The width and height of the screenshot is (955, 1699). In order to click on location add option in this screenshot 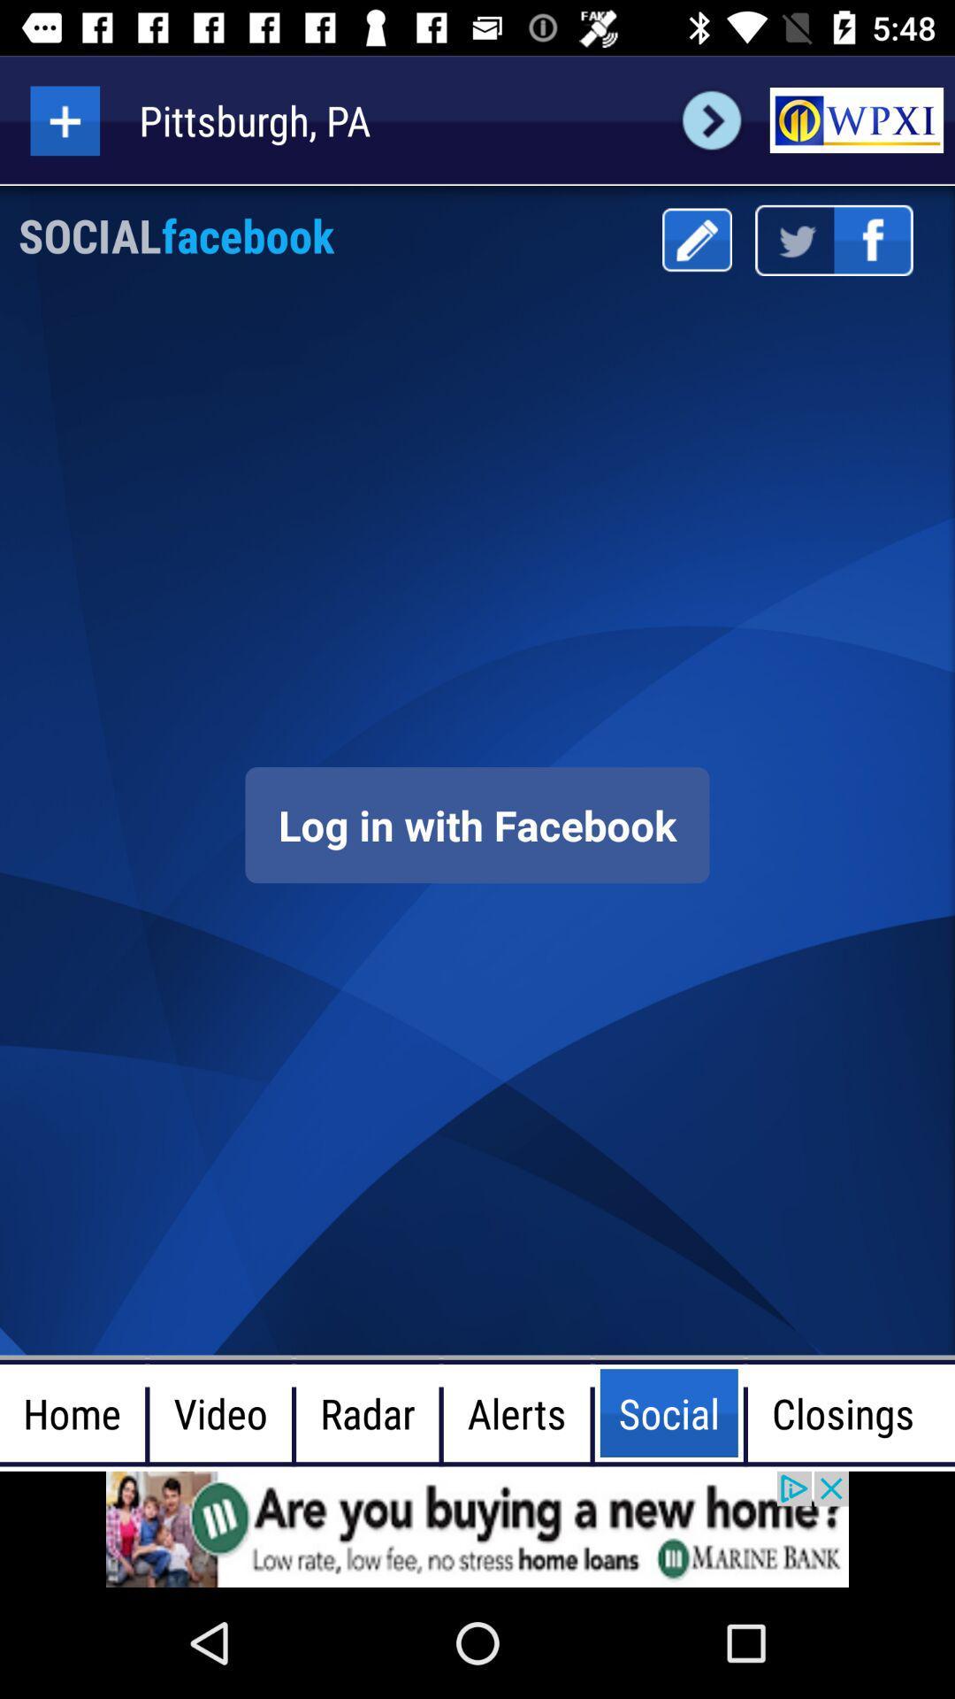, I will do `click(64, 119)`.